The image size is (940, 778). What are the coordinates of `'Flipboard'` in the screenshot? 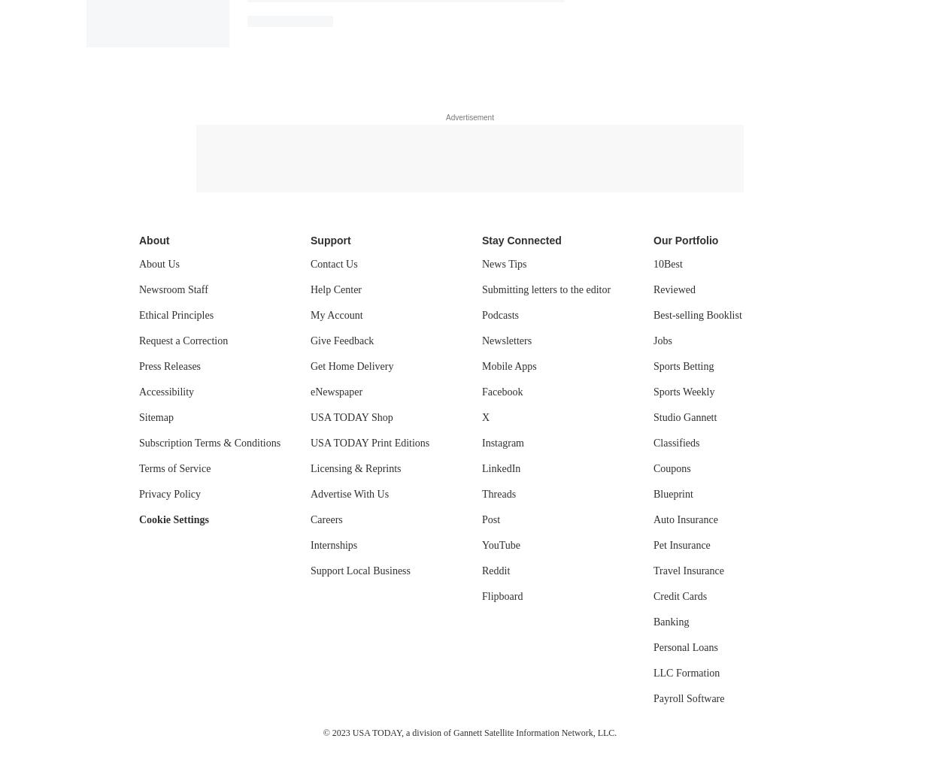 It's located at (502, 595).